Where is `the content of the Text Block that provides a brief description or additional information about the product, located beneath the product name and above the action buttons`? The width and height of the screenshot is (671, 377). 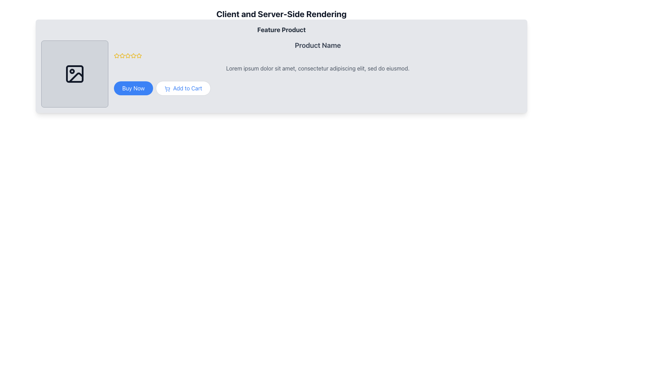
the content of the Text Block that provides a brief description or additional information about the product, located beneath the product name and above the action buttons is located at coordinates (317, 68).